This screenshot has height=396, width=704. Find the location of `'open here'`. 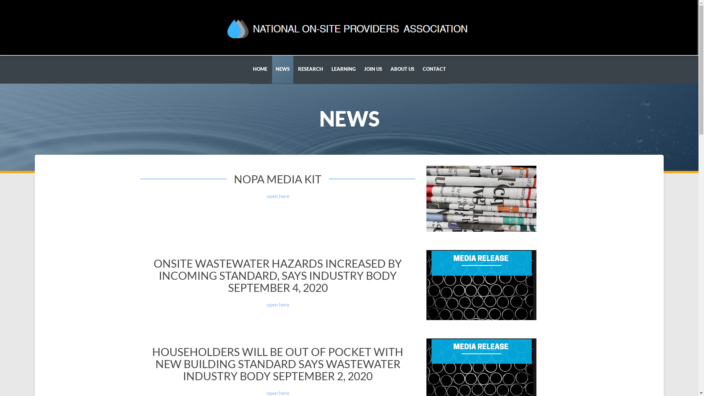

'open here' is located at coordinates (277, 304).